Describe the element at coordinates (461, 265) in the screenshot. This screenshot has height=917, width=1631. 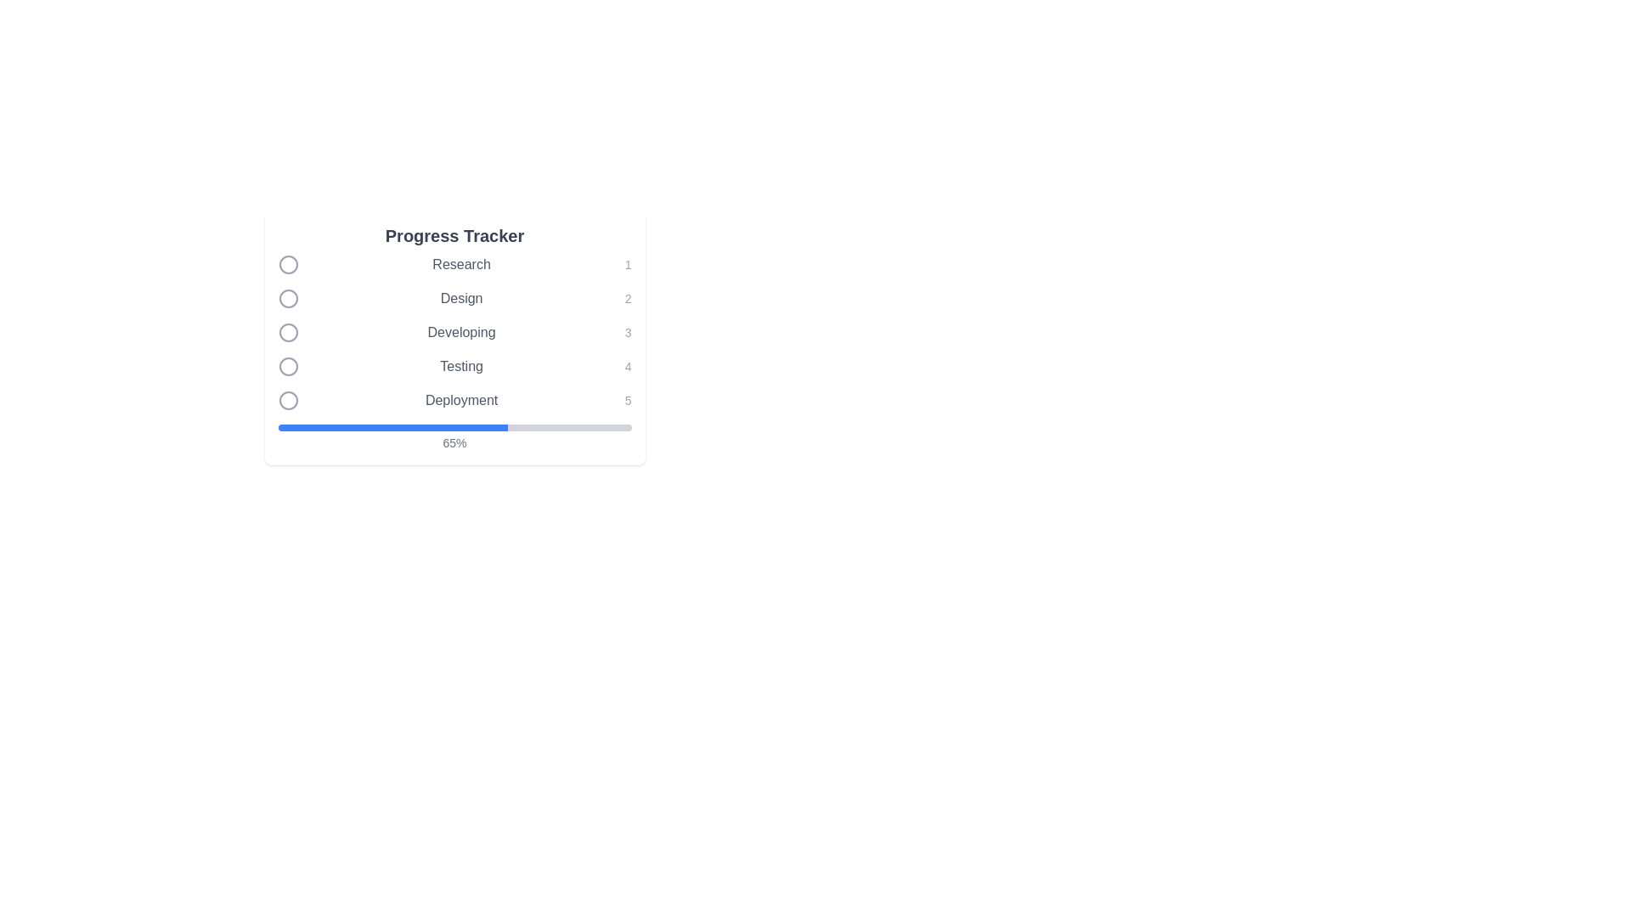
I see `the 'Research' label element, which is the second label in a vertical progress tracker list, displayed in gray color with a medium font size` at that location.